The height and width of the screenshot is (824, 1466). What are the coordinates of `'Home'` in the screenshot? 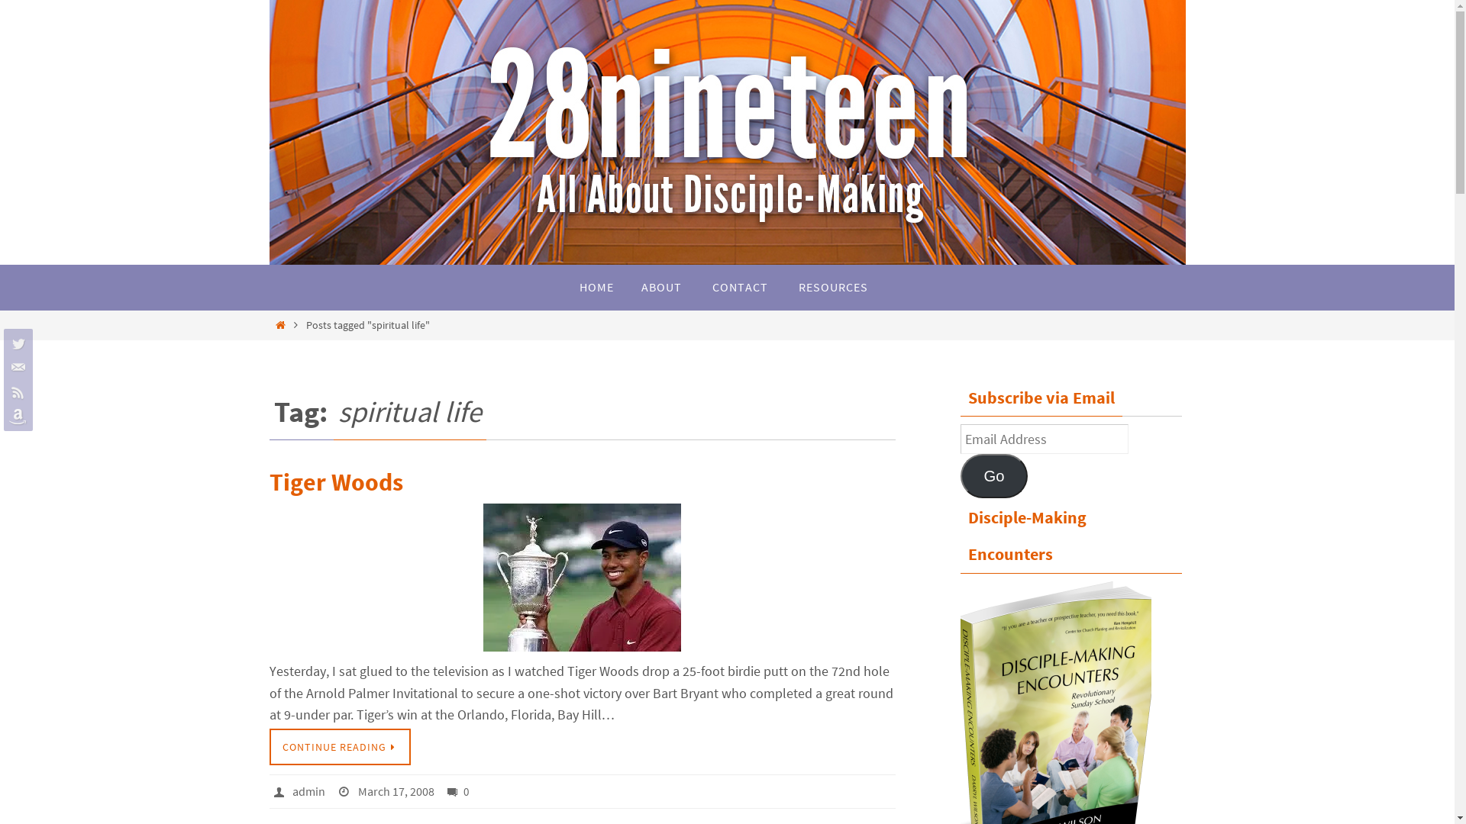 It's located at (281, 323).